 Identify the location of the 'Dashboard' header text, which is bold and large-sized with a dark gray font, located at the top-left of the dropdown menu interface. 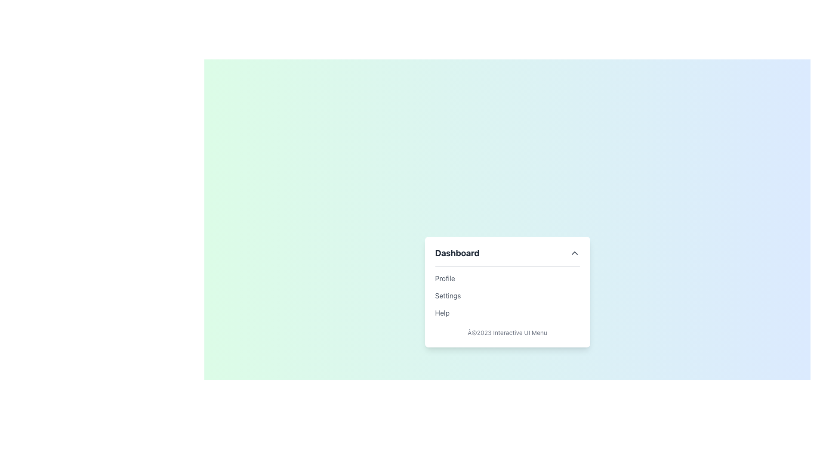
(457, 252).